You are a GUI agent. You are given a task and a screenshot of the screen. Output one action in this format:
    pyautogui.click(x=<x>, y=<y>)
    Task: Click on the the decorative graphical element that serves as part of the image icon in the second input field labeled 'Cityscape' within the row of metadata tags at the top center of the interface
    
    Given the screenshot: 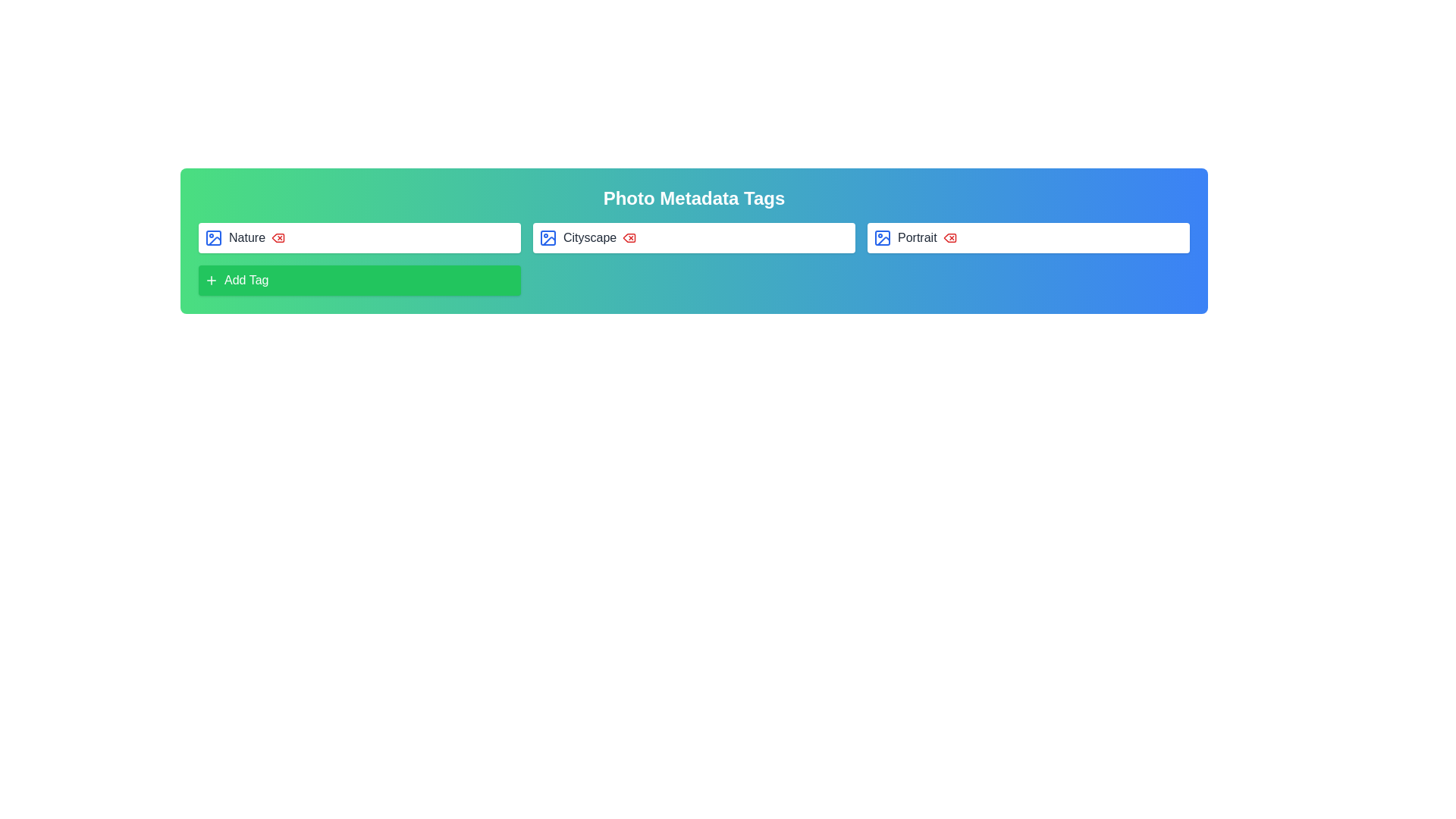 What is the action you would take?
    pyautogui.click(x=548, y=237)
    